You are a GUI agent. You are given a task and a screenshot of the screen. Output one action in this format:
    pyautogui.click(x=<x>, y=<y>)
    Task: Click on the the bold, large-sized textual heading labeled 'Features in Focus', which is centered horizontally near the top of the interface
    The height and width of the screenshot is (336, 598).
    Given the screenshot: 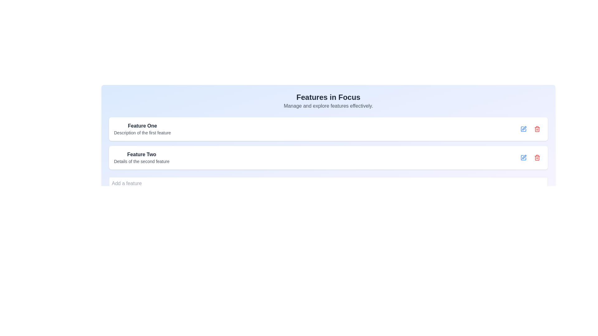 What is the action you would take?
    pyautogui.click(x=328, y=97)
    